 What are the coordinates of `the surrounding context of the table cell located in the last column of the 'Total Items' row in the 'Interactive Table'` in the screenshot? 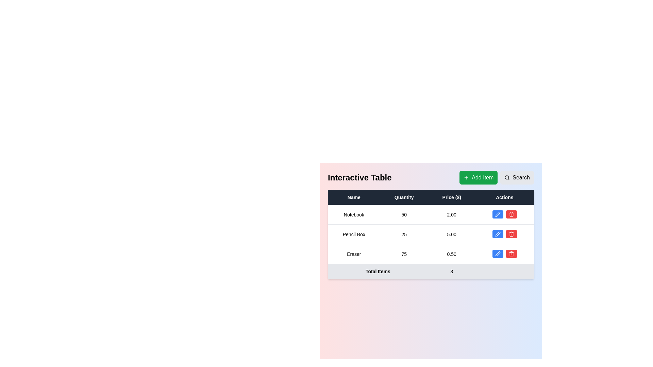 It's located at (504, 271).